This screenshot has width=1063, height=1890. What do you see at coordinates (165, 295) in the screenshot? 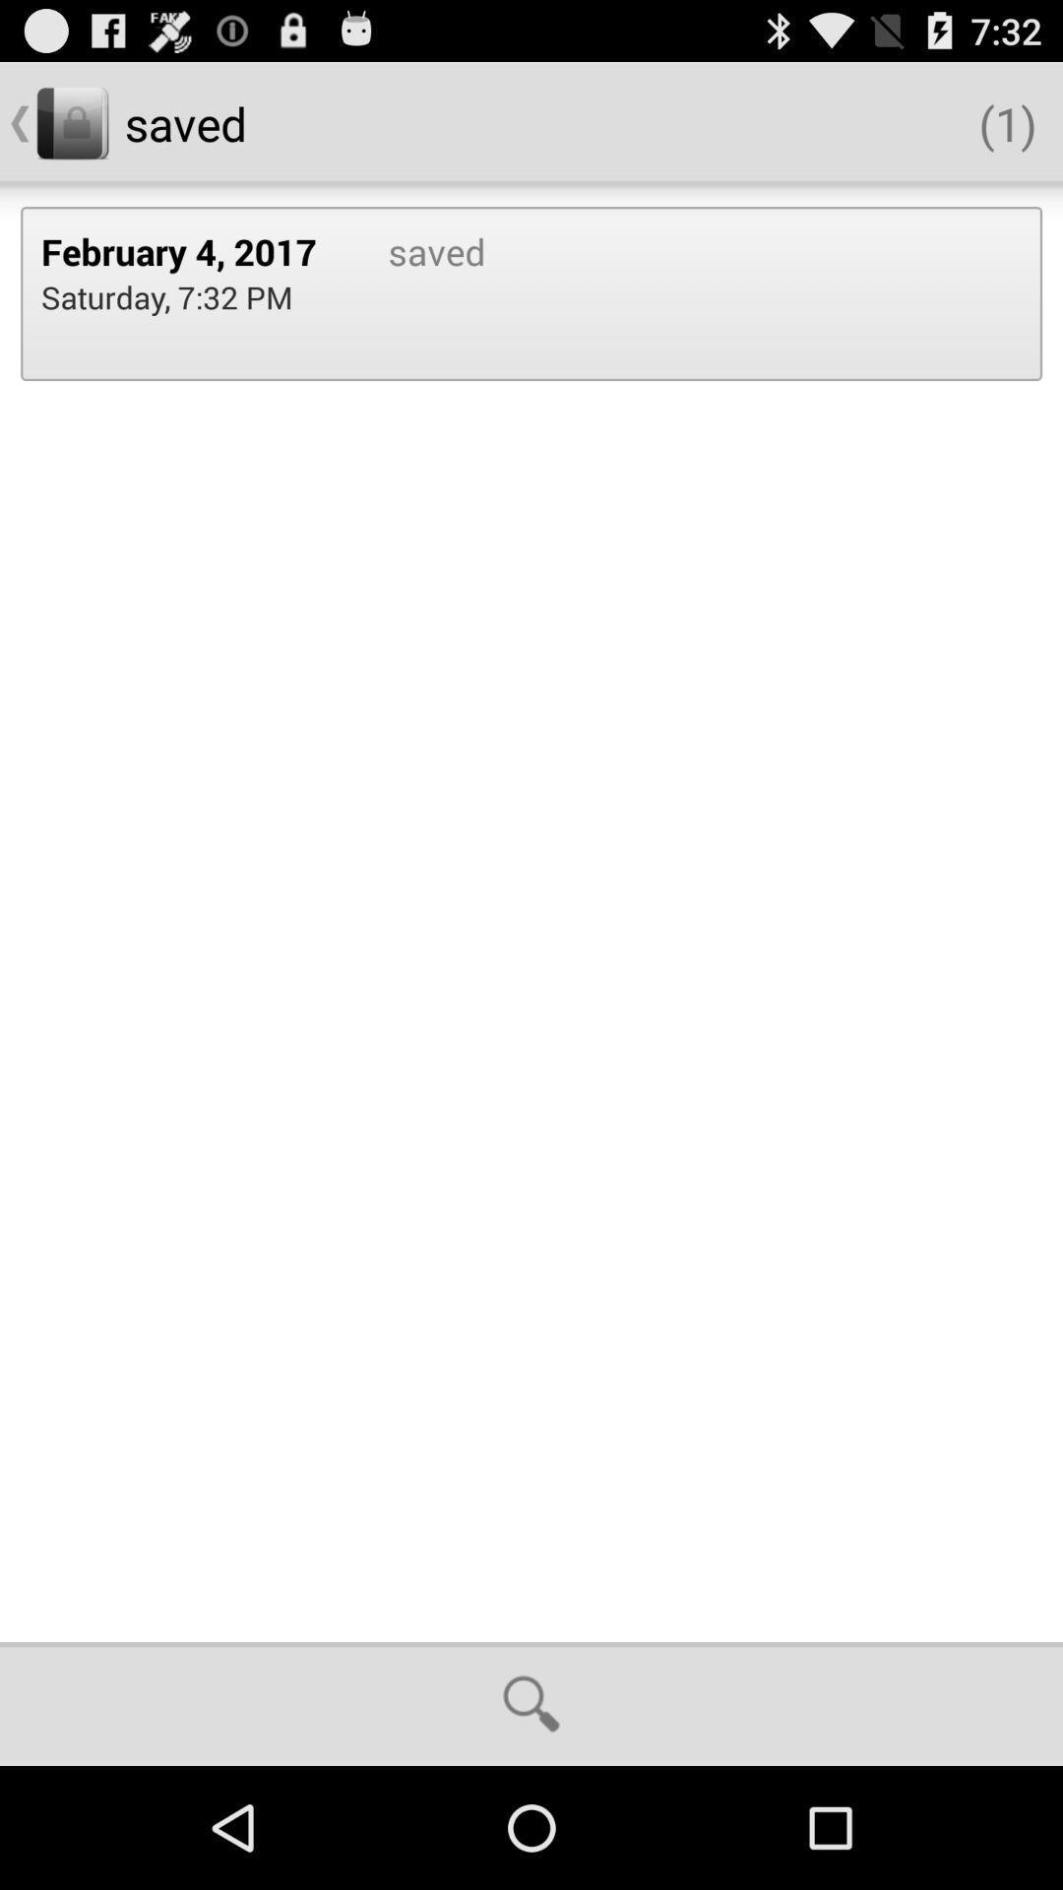
I see `the icon next to the saved` at bounding box center [165, 295].